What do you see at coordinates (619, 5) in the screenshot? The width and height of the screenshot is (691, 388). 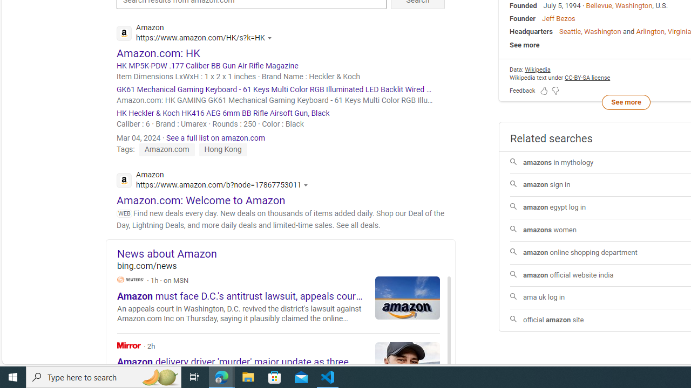 I see `'Bellevue, Washington'` at bounding box center [619, 5].